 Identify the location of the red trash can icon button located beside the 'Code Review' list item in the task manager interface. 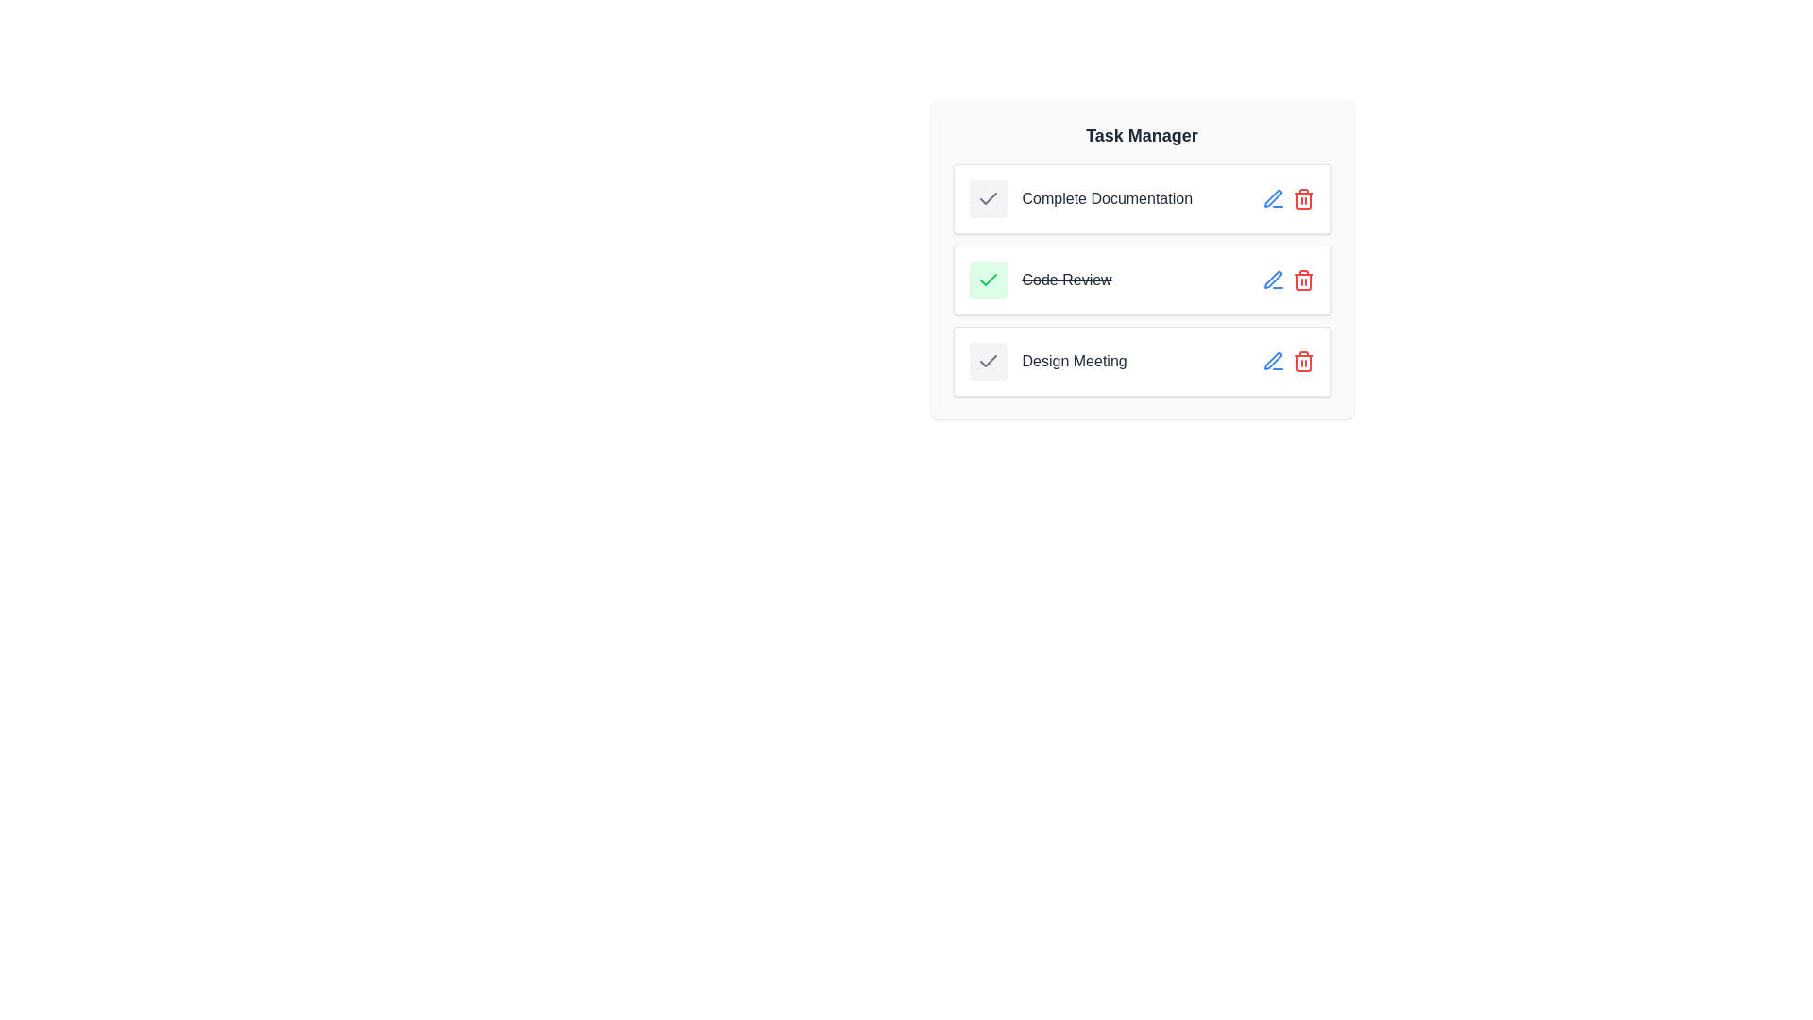
(1302, 280).